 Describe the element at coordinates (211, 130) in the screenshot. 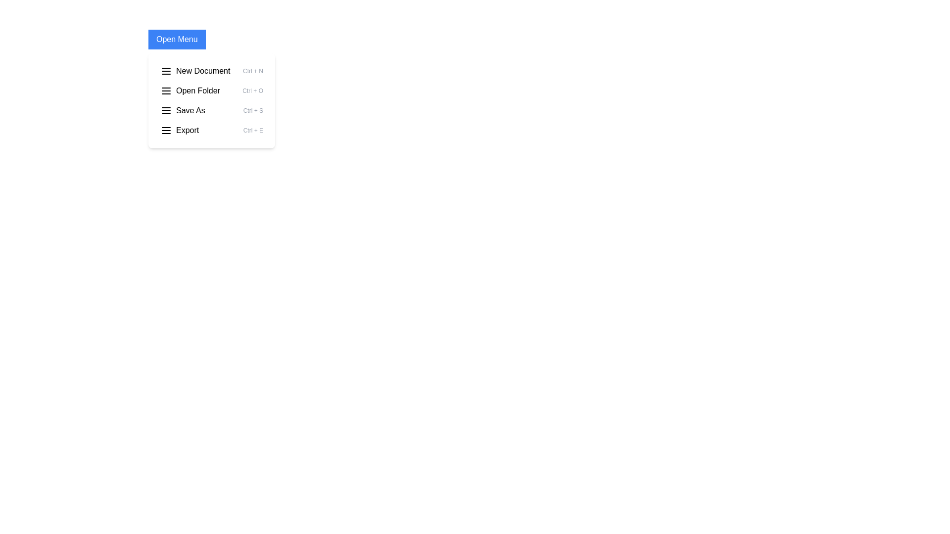

I see `the 'Export' menu item, which is the fourth option in the dropdown menu` at that location.